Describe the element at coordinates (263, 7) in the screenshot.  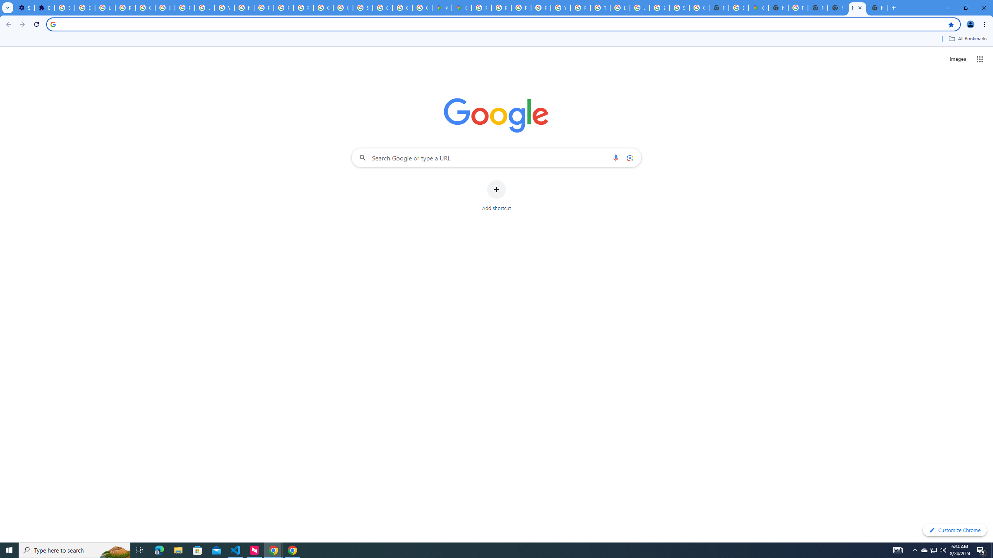
I see `'Privacy Help Center - Policies Help'` at that location.